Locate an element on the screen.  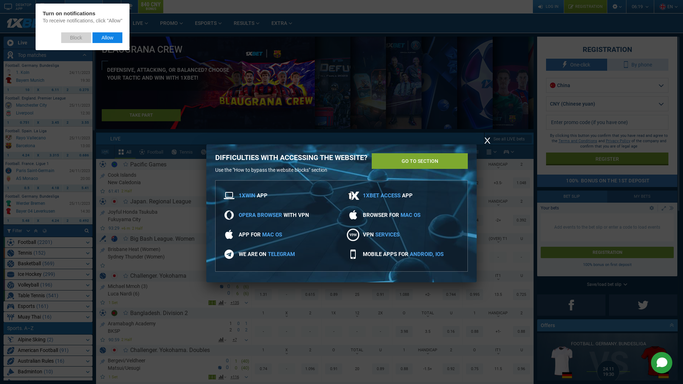
'2 is located at coordinates (78, 155).